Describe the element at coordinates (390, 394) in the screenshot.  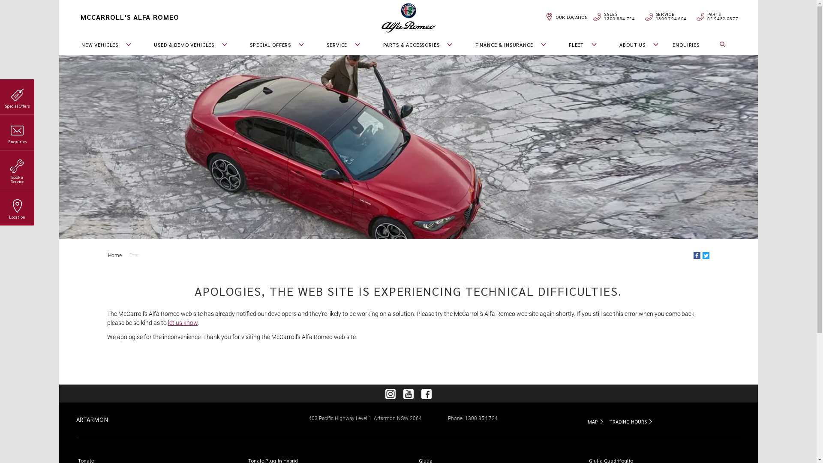
I see `'Follow Us on Instagram'` at that location.